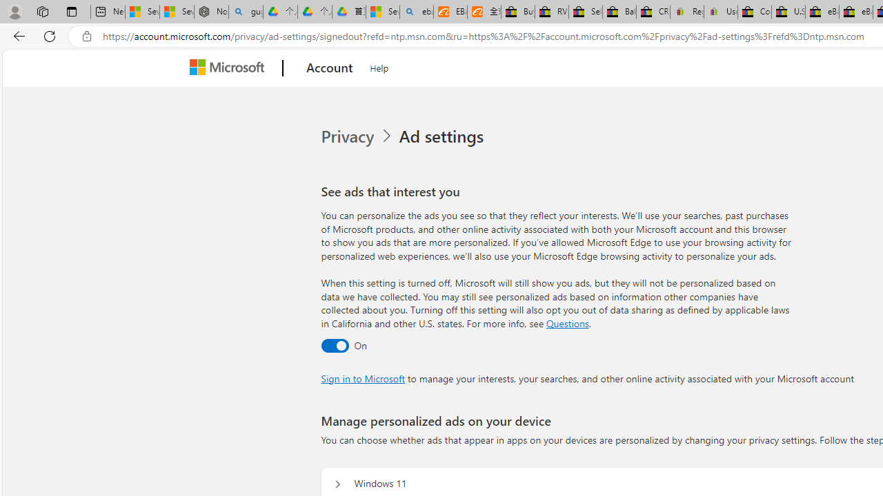  I want to click on 'Baby Keepsakes & Announcements for sale | eBay', so click(618, 12).